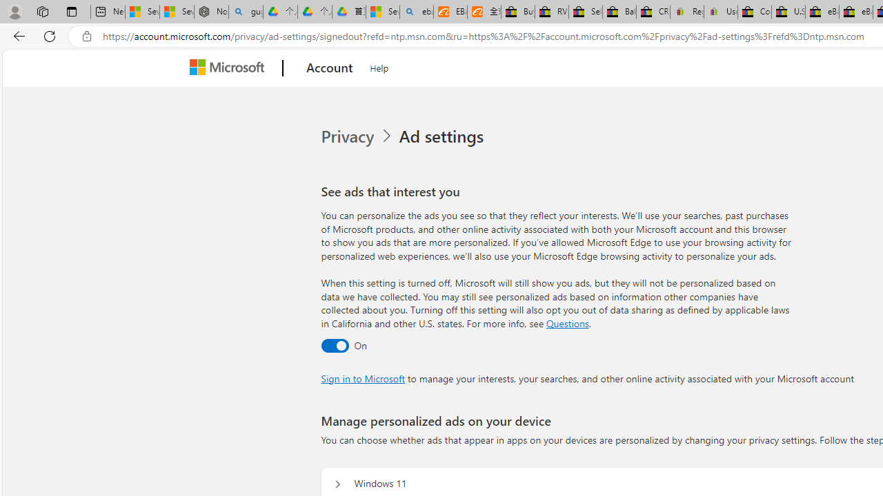  I want to click on 'Baby Keepsakes & Announcements for sale | eBay', so click(618, 12).